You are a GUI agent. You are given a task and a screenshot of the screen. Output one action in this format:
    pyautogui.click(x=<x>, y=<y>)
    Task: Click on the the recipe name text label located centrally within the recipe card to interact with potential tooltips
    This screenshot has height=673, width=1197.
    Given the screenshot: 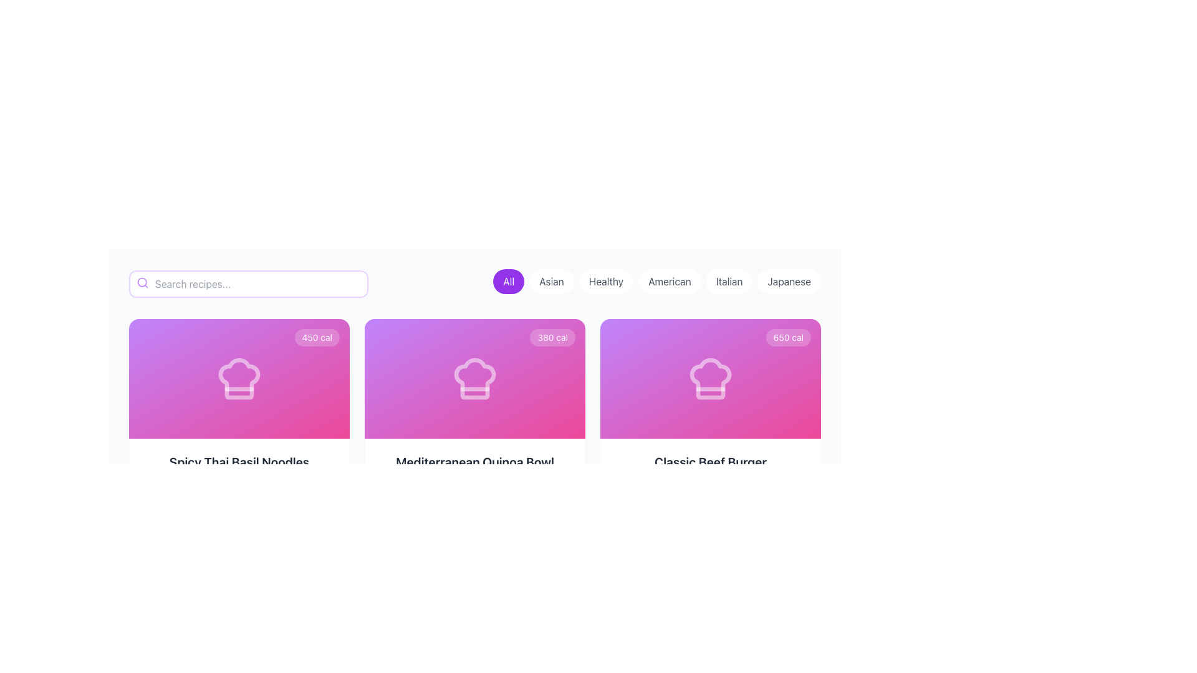 What is the action you would take?
    pyautogui.click(x=474, y=462)
    